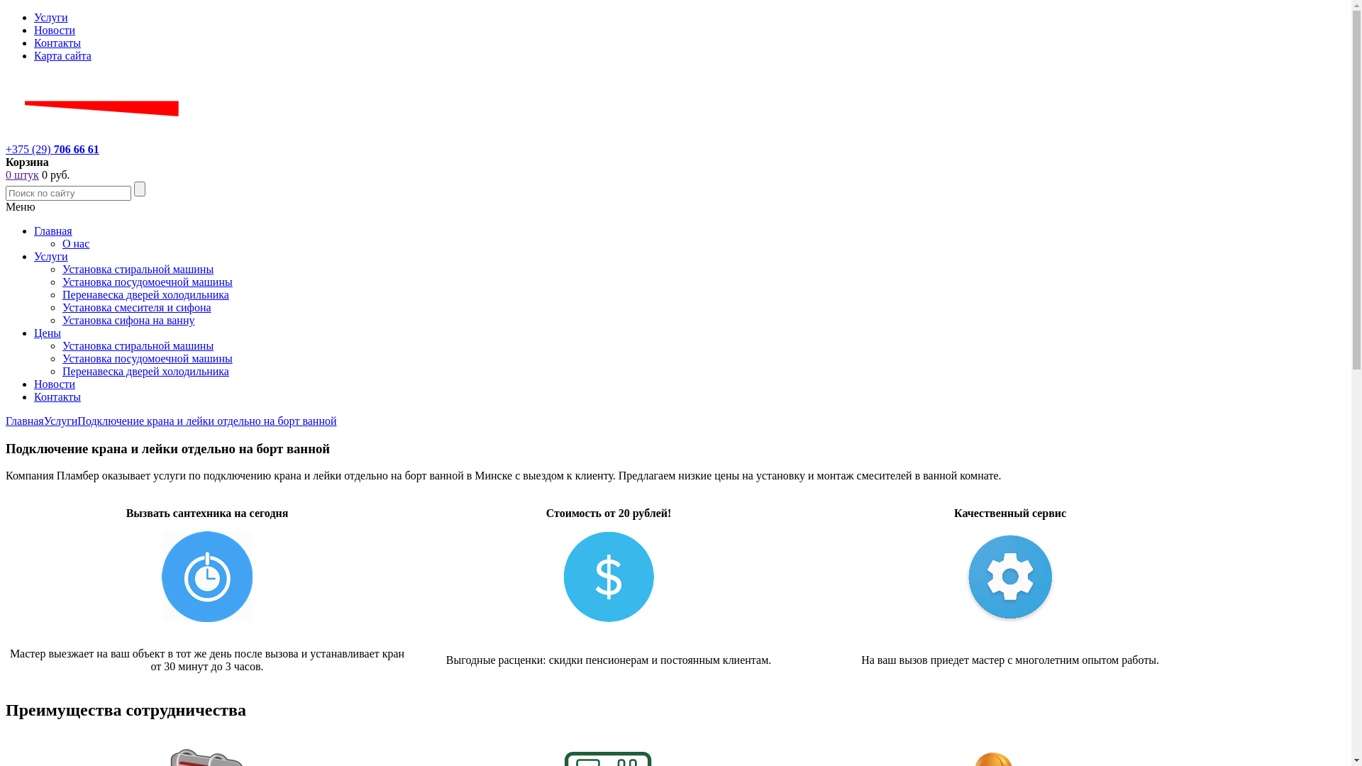 Image resolution: width=1362 pixels, height=766 pixels. What do you see at coordinates (52, 149) in the screenshot?
I see `'+375 (29) 706 66 61'` at bounding box center [52, 149].